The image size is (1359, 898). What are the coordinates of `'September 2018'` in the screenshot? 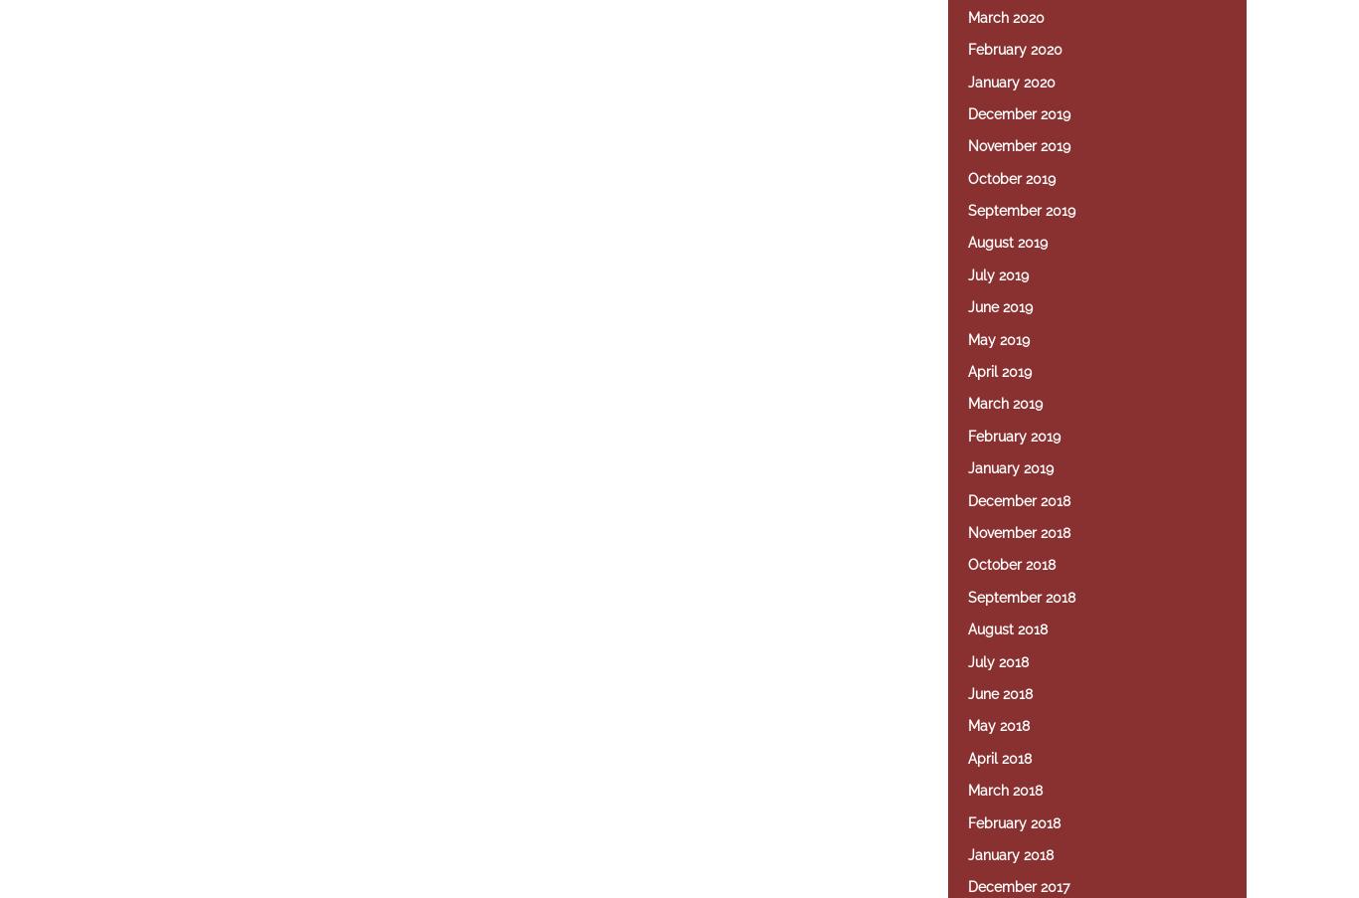 It's located at (1020, 597).